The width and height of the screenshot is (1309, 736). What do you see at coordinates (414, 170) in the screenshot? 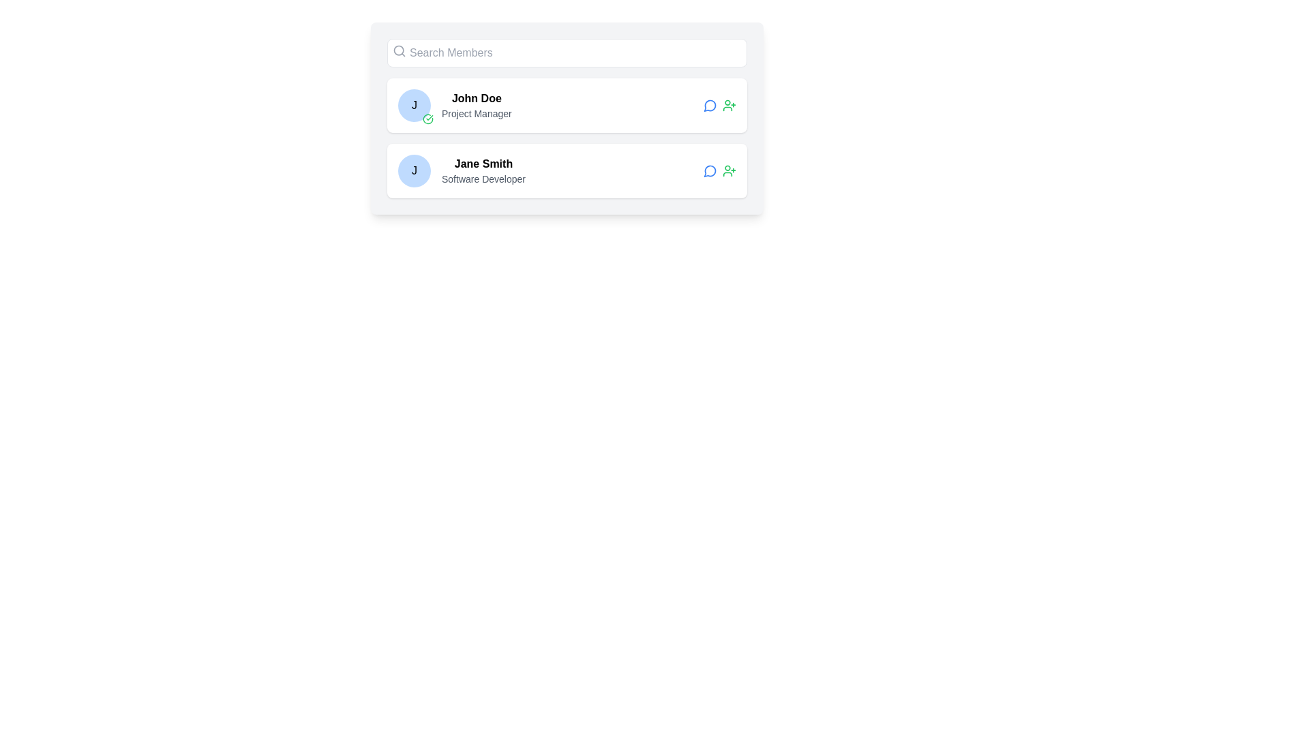
I see `the Avatar representing 'Jane Smith', which visually displays the initial 'J' and is positioned in the second row of the member list, to the far left of the associated details` at bounding box center [414, 170].